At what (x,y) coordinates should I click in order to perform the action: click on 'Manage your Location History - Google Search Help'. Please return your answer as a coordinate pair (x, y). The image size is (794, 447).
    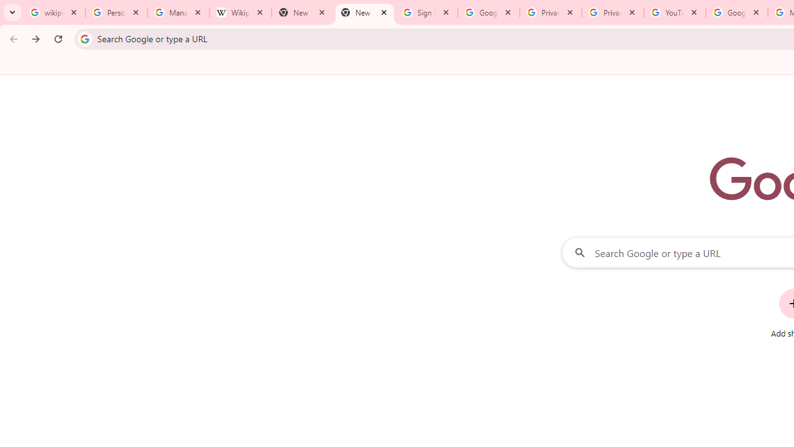
    Looking at the image, I should click on (178, 12).